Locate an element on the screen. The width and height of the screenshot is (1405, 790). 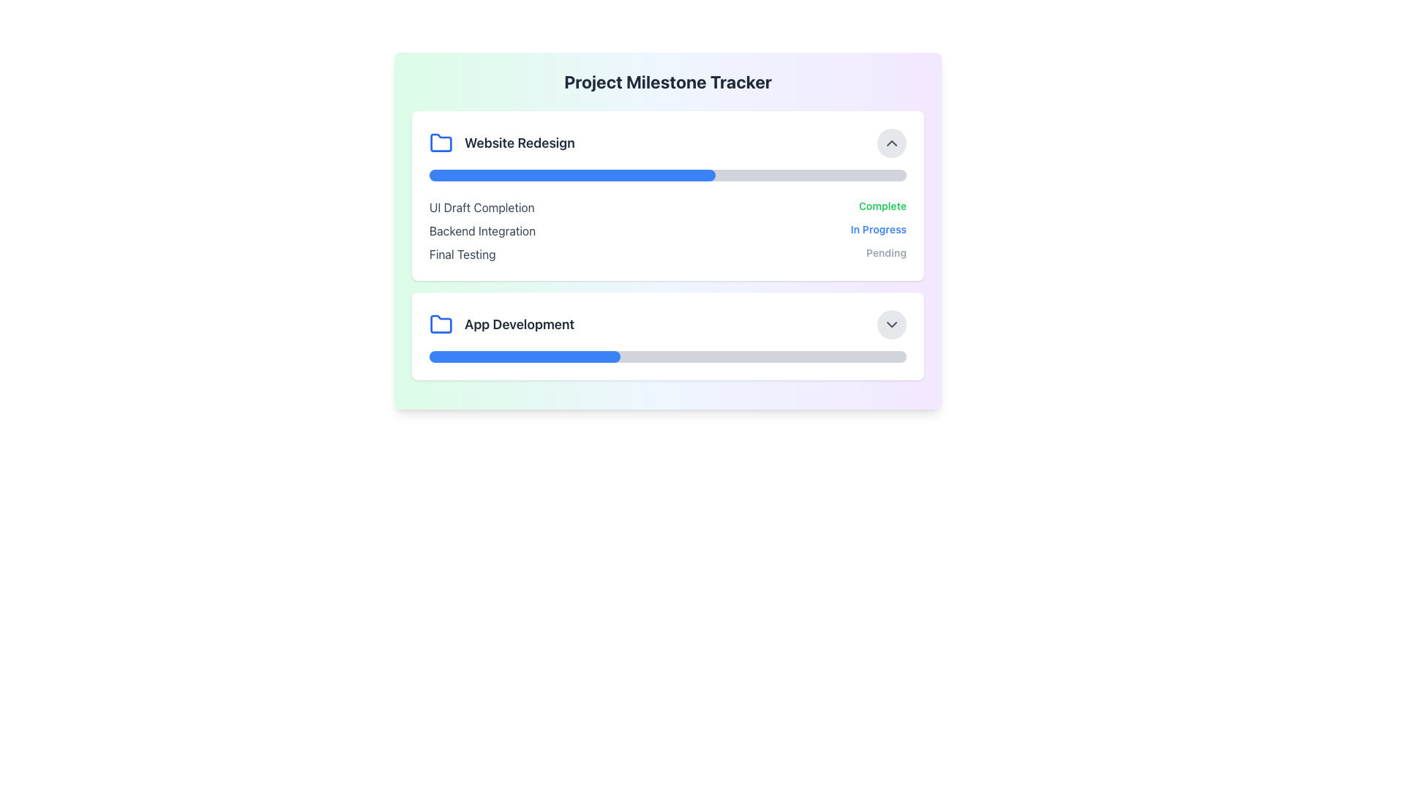
the status Text Label indicating the 'Final Testing' task, which shows it as not yet completed is located at coordinates (885, 253).